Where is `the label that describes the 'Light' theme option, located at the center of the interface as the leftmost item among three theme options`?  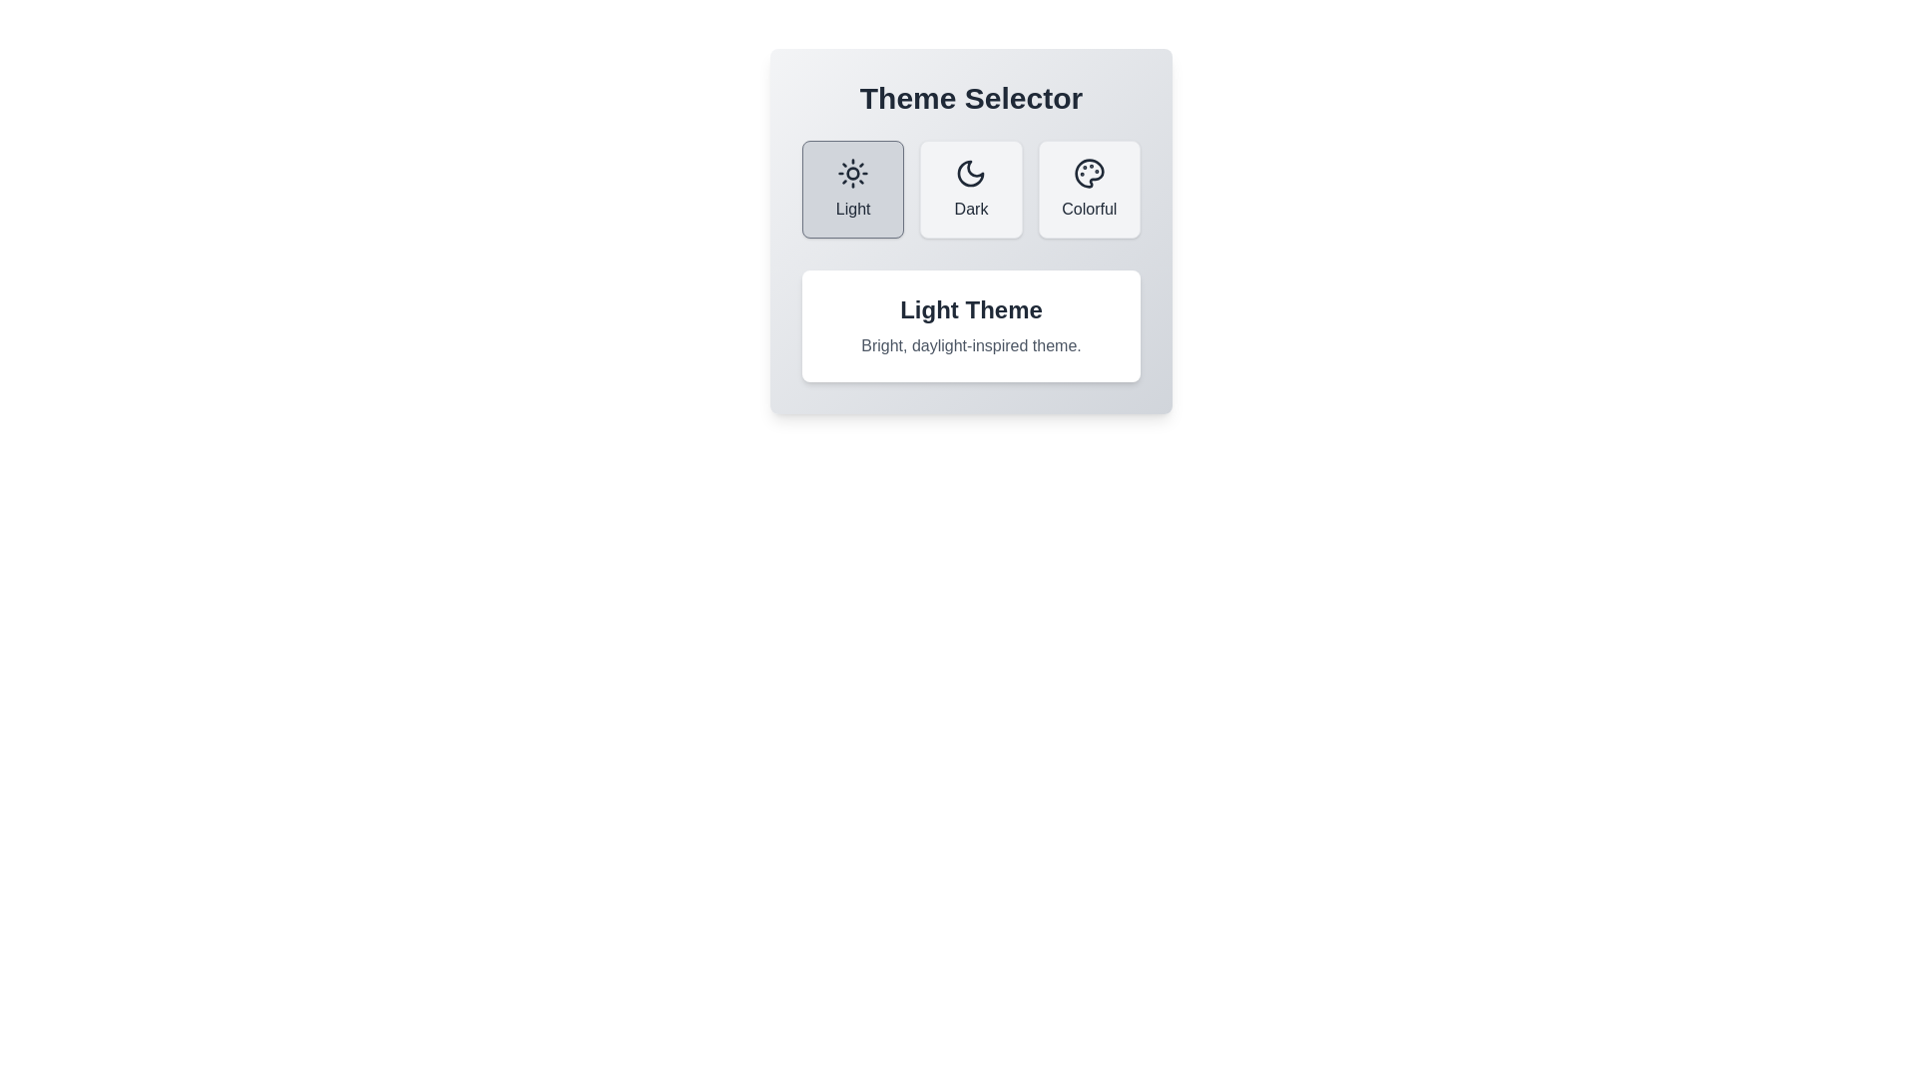 the label that describes the 'Light' theme option, located at the center of the interface as the leftmost item among three theme options is located at coordinates (853, 209).